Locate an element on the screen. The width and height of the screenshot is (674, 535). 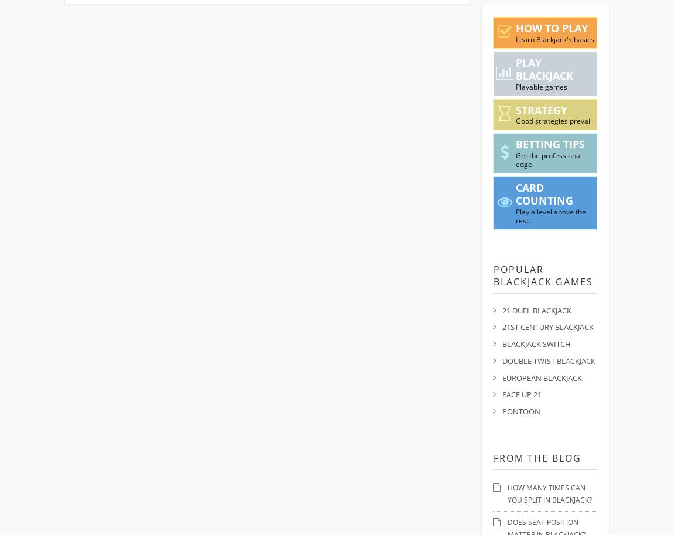
'strategy' is located at coordinates (540, 109).